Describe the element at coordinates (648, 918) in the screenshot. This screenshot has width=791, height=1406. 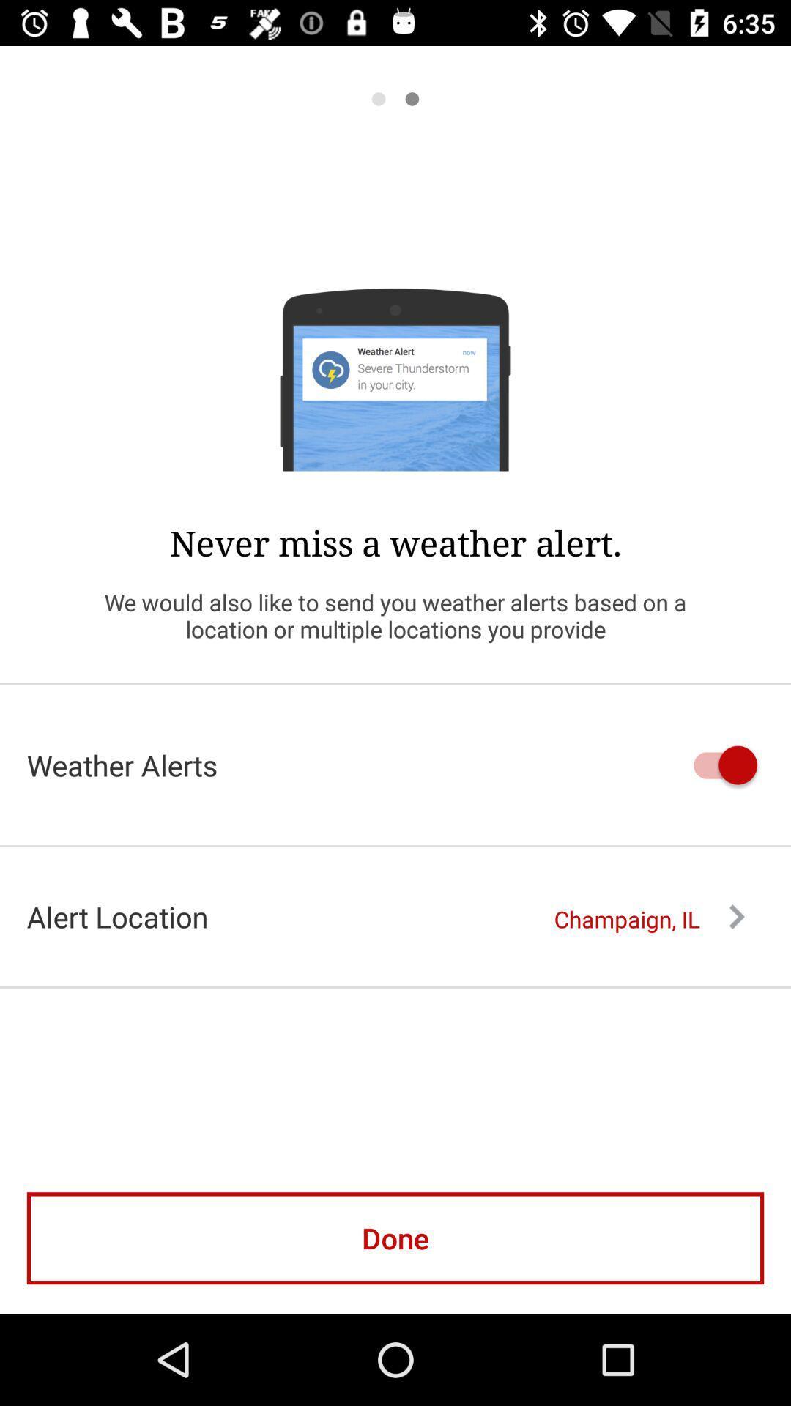
I see `the item next to the alert location item` at that location.